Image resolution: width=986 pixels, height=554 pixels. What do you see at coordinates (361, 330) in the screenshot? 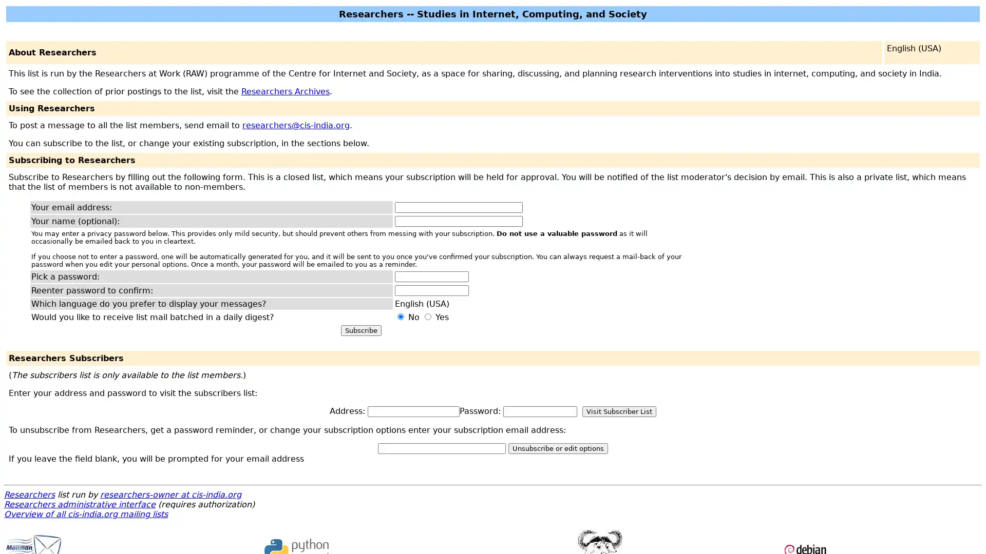
I see `Subscribe` at bounding box center [361, 330].